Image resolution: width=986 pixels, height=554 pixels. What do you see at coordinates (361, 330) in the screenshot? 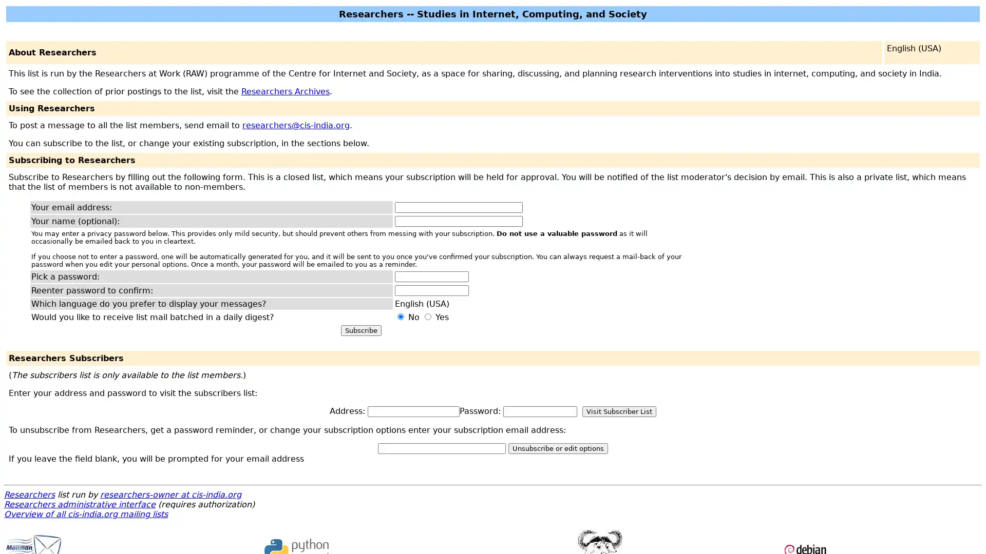
I see `Subscribe` at bounding box center [361, 330].